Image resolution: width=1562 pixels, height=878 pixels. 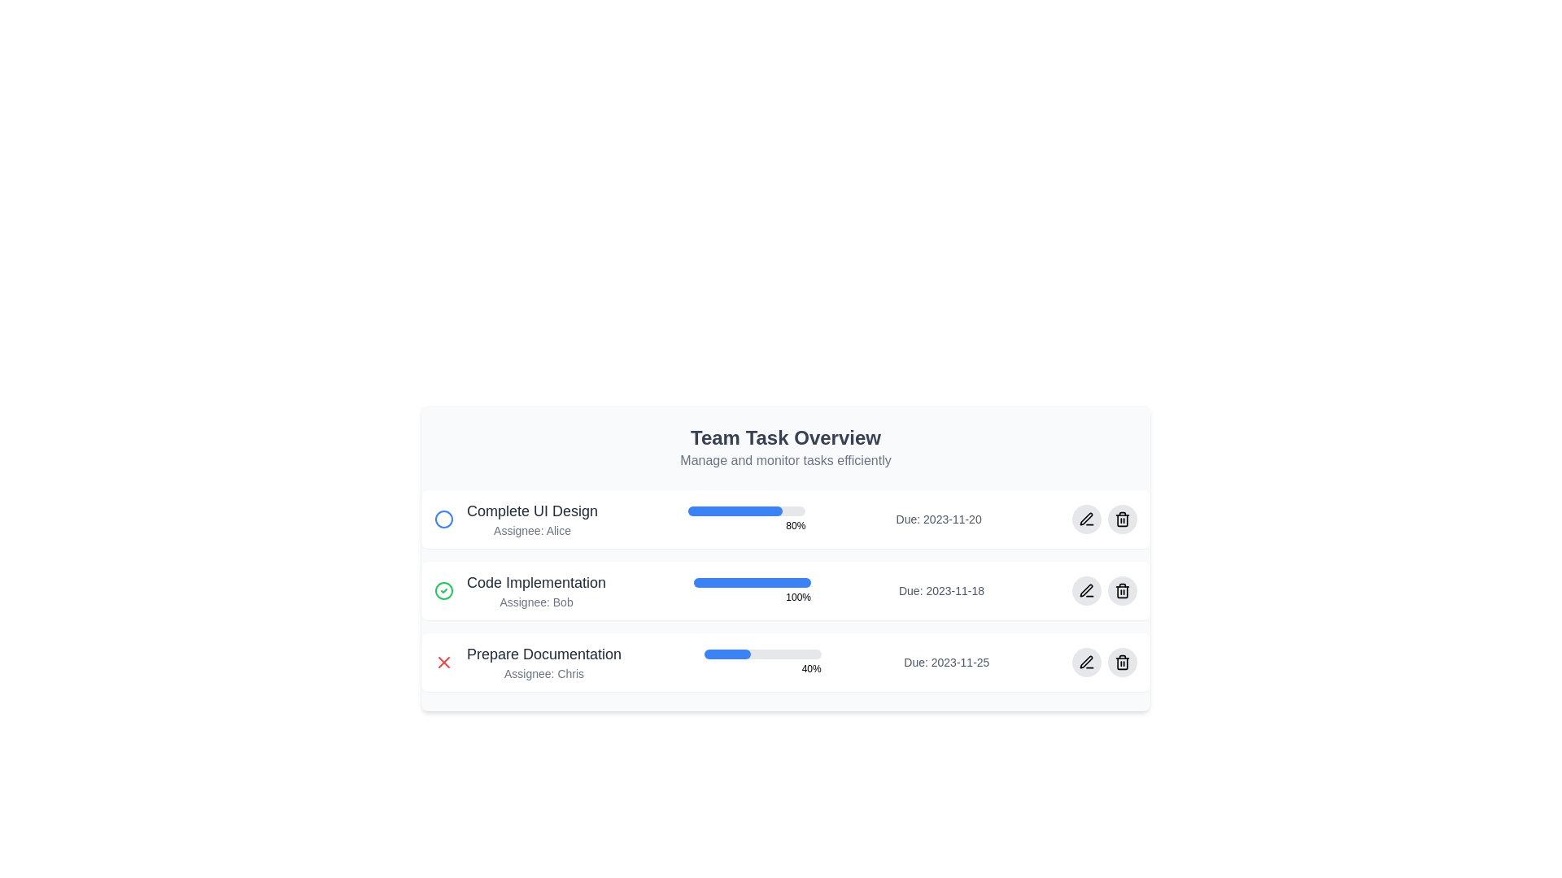 What do you see at coordinates (1121, 590) in the screenshot?
I see `the Trash-Can Icon within a Circular Button located at the far right of the last row of the task list, adjacent to 'Prepare Documentation'` at bounding box center [1121, 590].